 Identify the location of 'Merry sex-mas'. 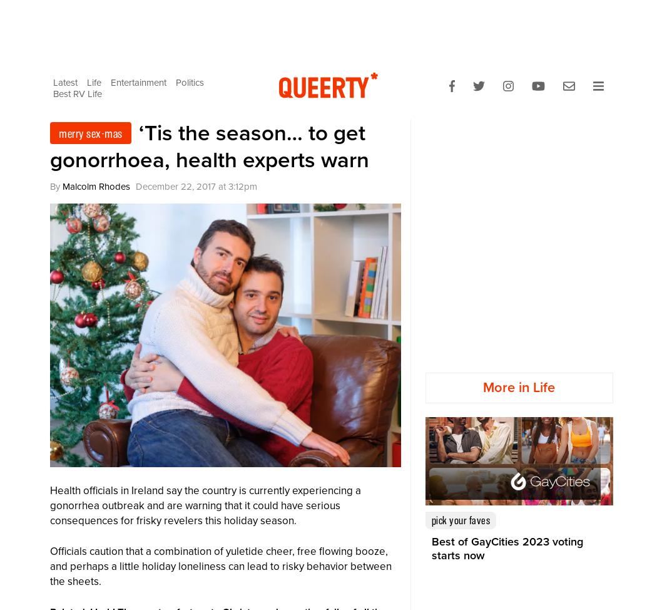
(58, 133).